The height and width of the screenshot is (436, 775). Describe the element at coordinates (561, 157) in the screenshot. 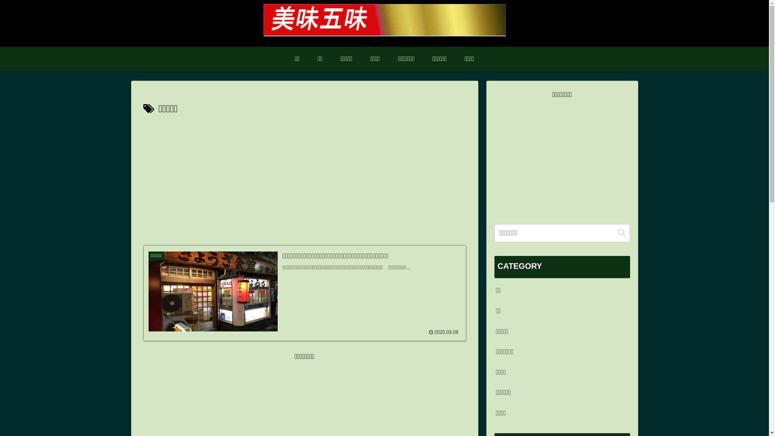

I see `'Advertisement'` at that location.